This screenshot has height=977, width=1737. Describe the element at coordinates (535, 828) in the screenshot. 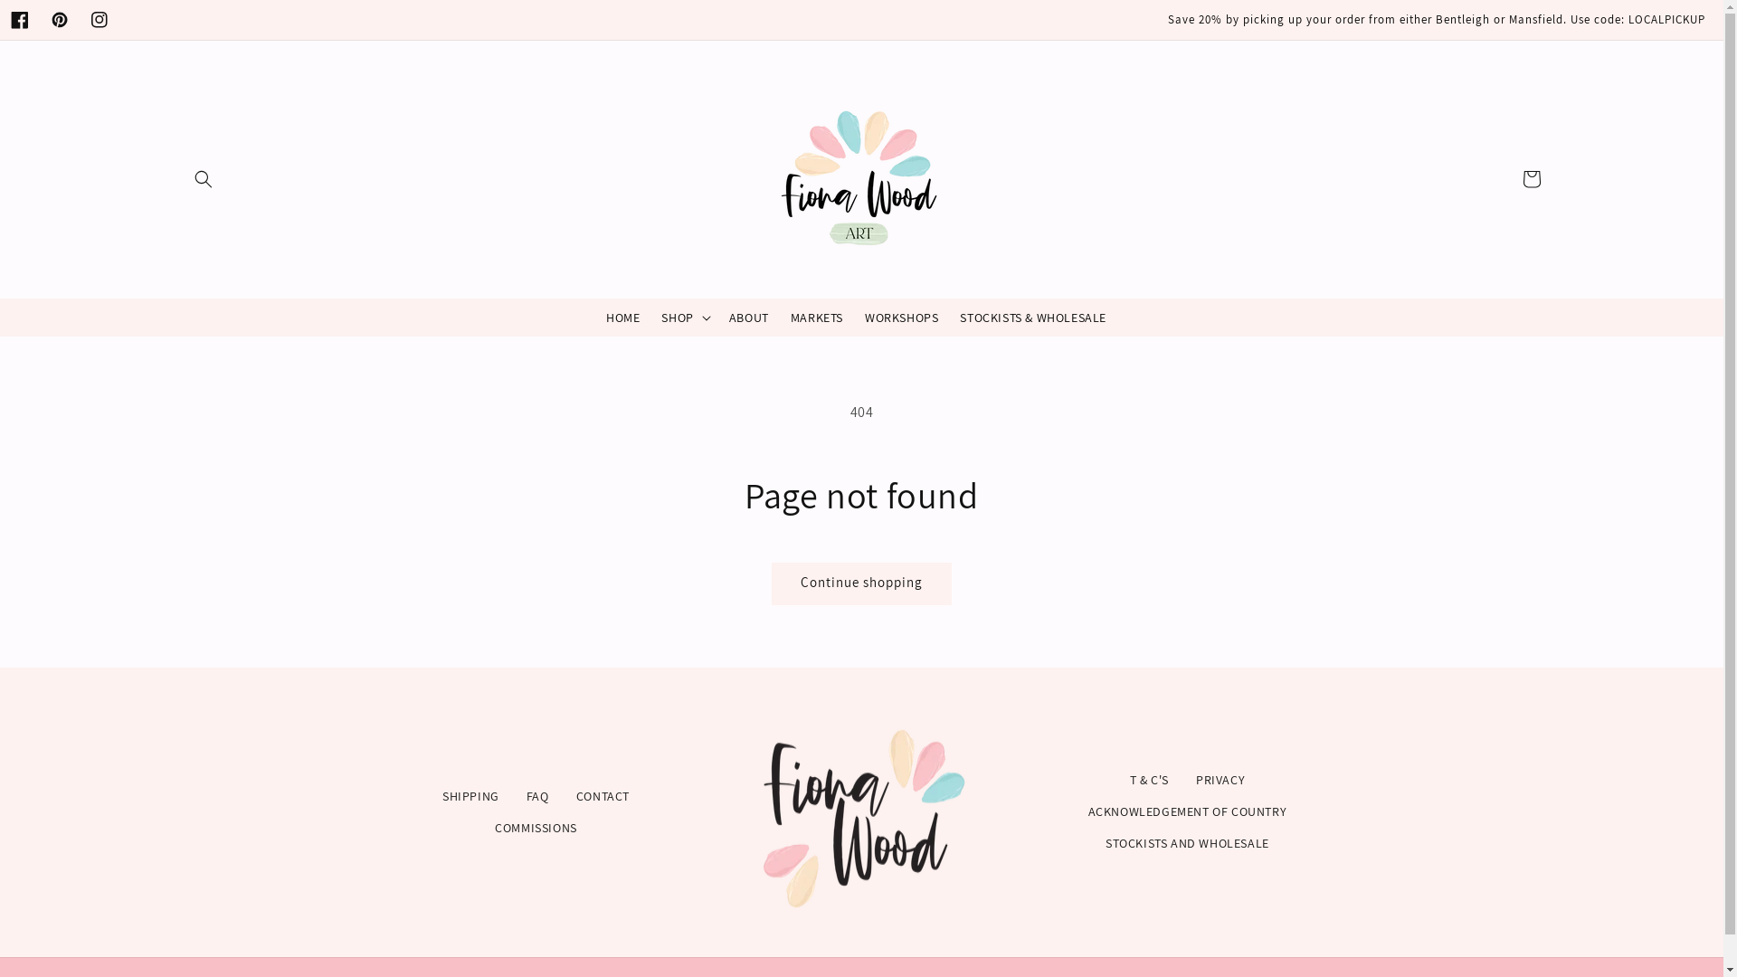

I see `'COMMISSIONS'` at that location.